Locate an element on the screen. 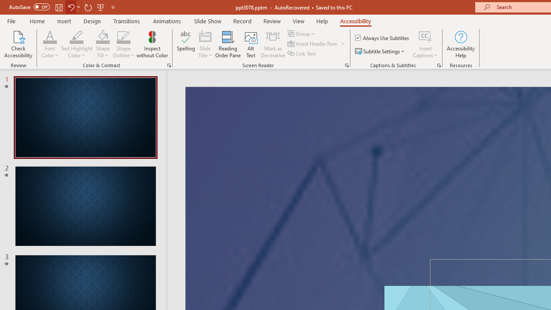 Image resolution: width=551 pixels, height=310 pixels. 'Shape Outline' is located at coordinates (123, 36).